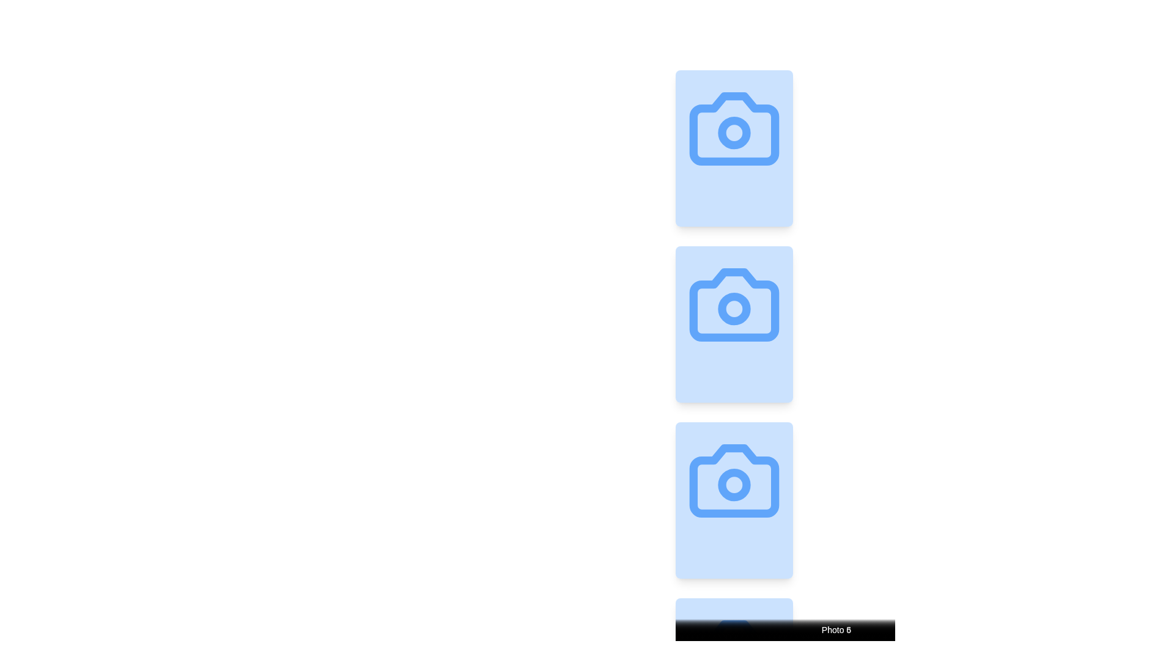 This screenshot has height=660, width=1174. What do you see at coordinates (734, 304) in the screenshot?
I see `the SVG Icon representing a photographic or camera-related feature located at the upper central position of the 'Photo 2' card` at bounding box center [734, 304].